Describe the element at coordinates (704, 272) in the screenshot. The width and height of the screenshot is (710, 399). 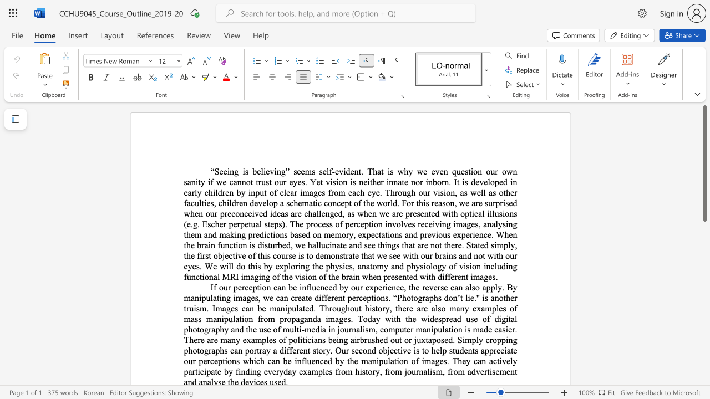
I see `the scrollbar to move the content lower` at that location.